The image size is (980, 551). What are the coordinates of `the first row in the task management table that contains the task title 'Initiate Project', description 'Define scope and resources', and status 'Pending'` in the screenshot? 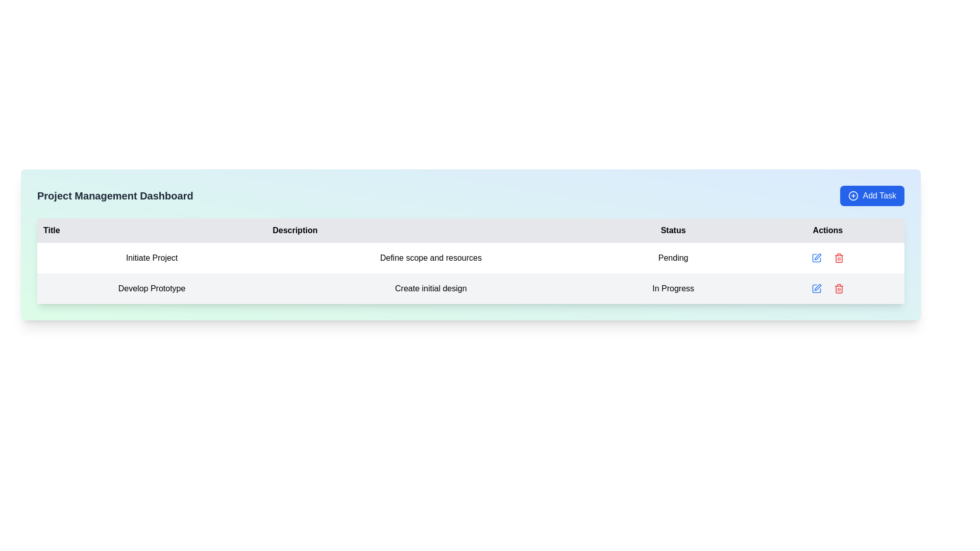 It's located at (470, 257).